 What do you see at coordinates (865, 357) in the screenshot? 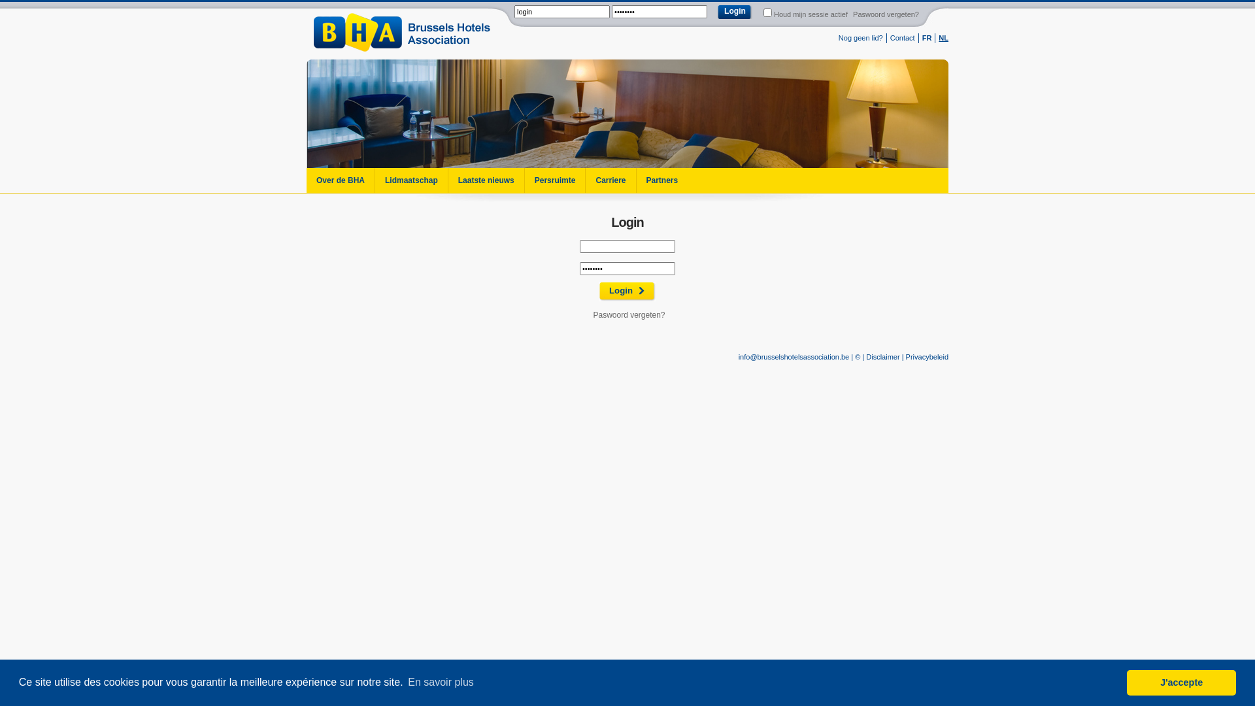
I see `'Disclaimer'` at bounding box center [865, 357].